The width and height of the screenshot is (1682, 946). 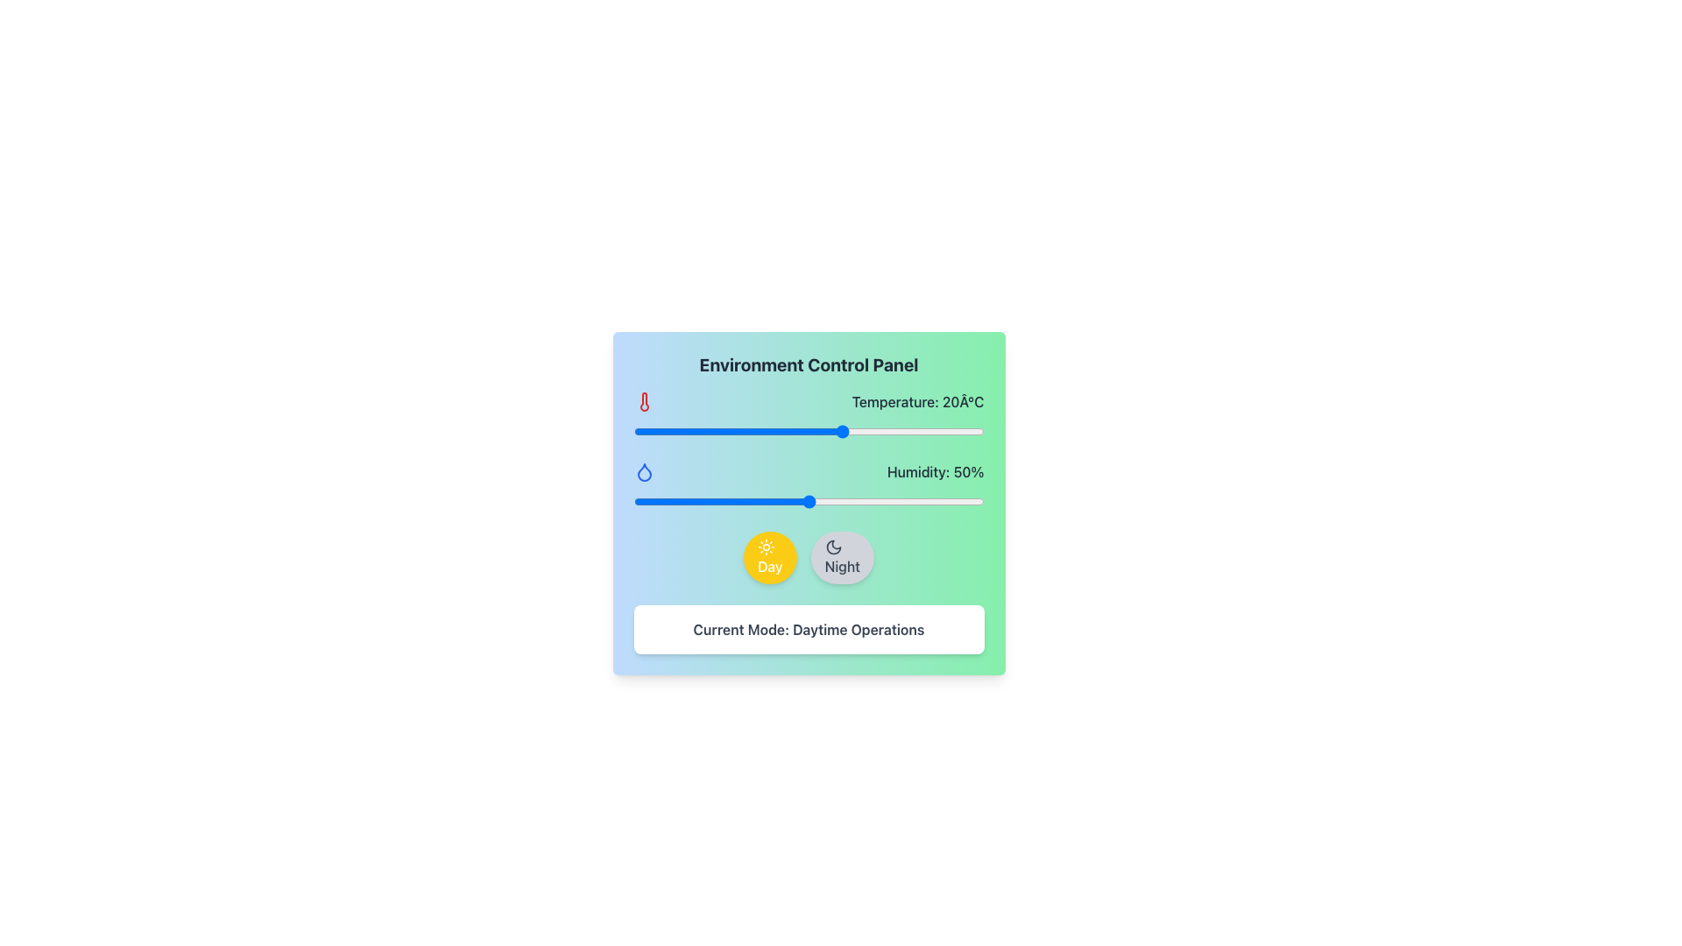 I want to click on the static text label displaying the current temperature reading in degrees Celsius, located beneath the 'Environment Control Panel' title and to the right of the red thermometer icon, so click(x=917, y=402).